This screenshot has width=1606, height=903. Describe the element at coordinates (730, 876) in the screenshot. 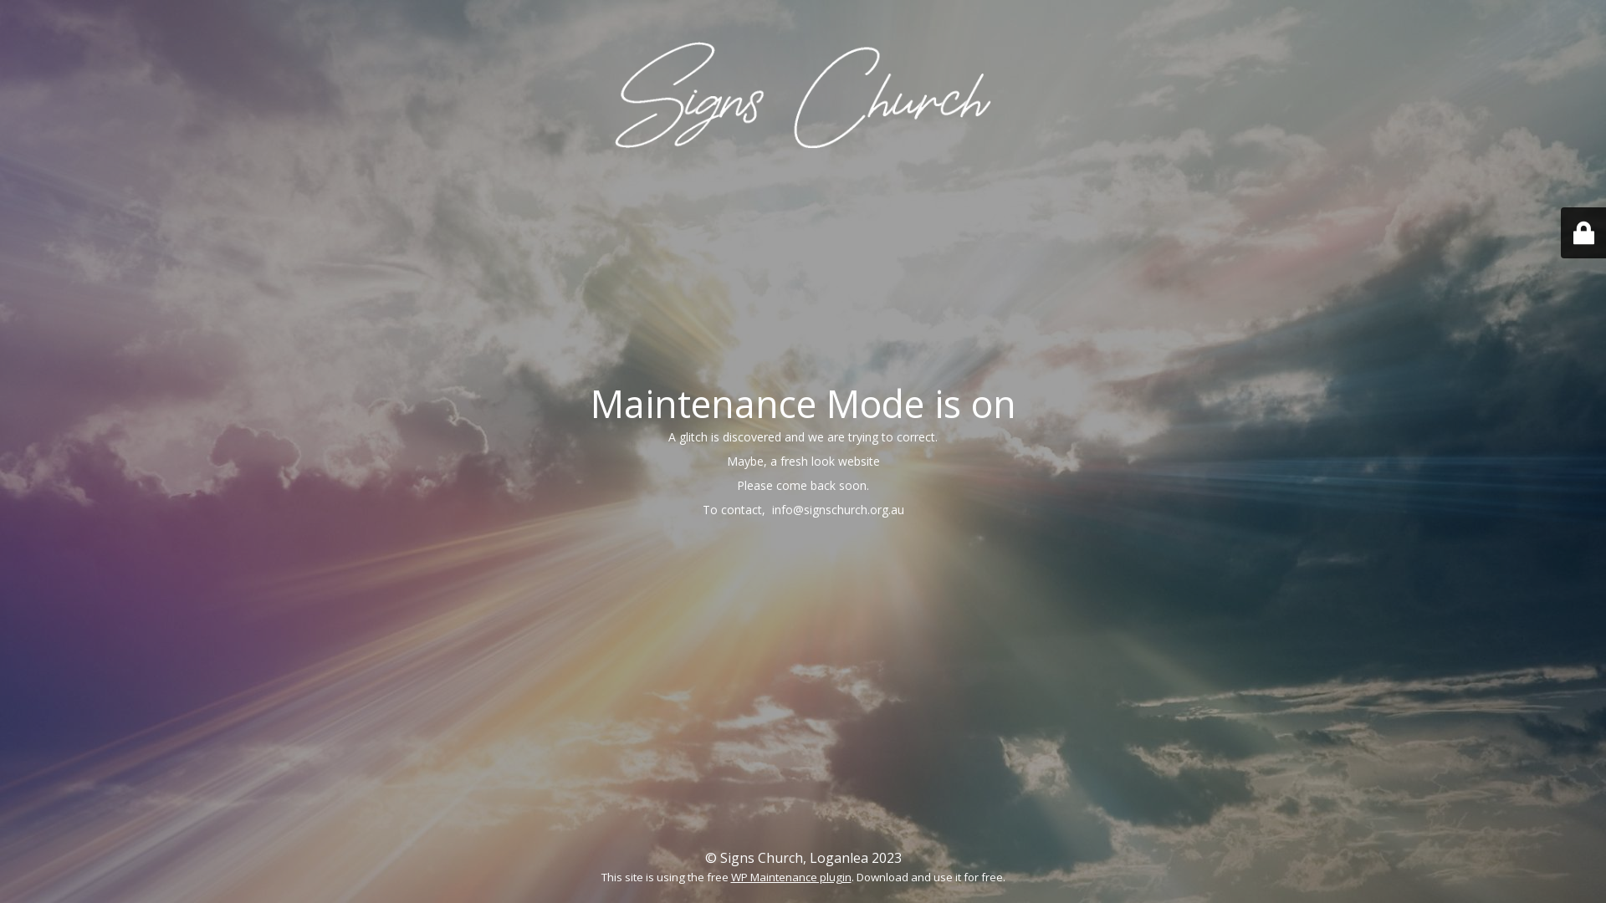

I see `'WP Maintenance plugin'` at that location.